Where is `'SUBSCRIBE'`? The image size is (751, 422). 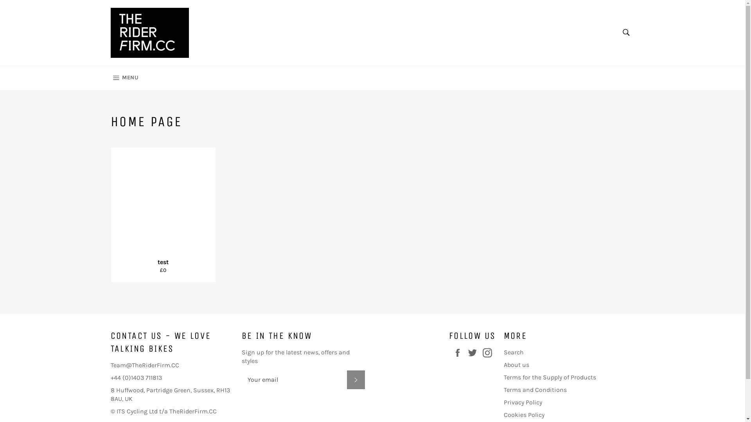 'SUBSCRIBE' is located at coordinates (355, 379).